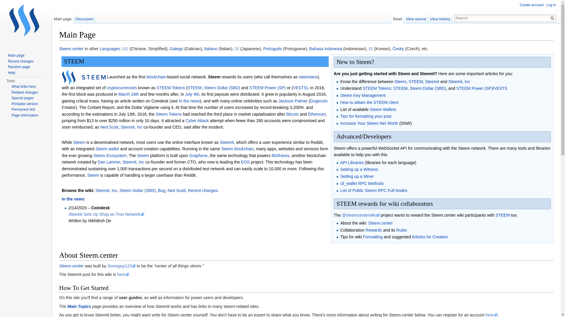  What do you see at coordinates (79, 306) in the screenshot?
I see `'Main Topics'` at bounding box center [79, 306].